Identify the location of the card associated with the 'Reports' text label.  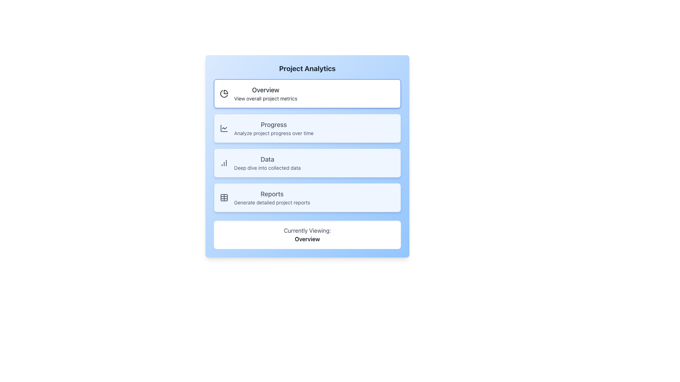
(272, 194).